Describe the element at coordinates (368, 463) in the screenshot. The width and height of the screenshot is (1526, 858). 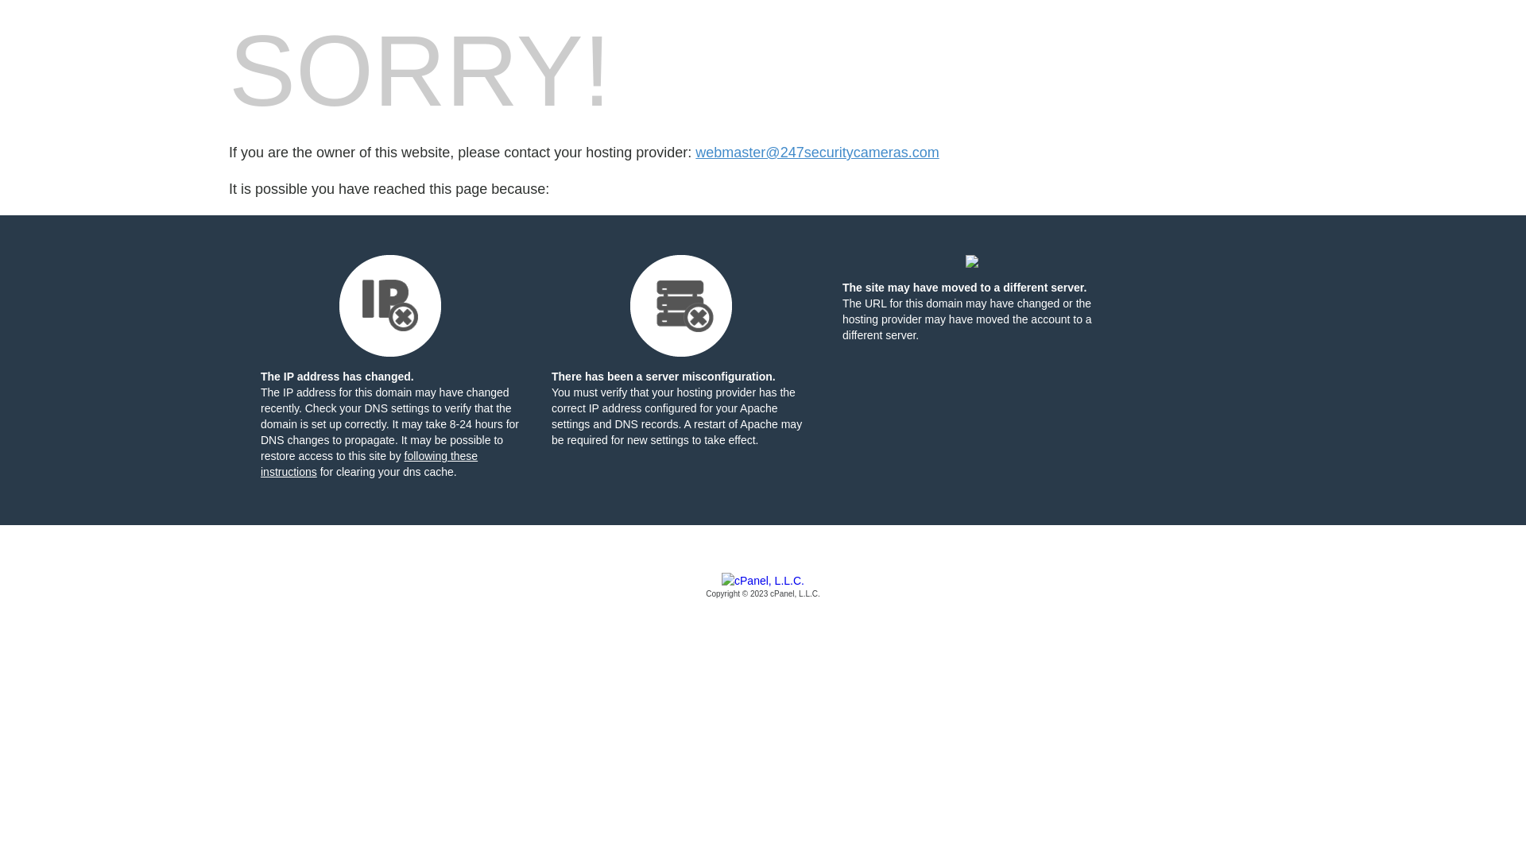
I see `'following these instructions'` at that location.